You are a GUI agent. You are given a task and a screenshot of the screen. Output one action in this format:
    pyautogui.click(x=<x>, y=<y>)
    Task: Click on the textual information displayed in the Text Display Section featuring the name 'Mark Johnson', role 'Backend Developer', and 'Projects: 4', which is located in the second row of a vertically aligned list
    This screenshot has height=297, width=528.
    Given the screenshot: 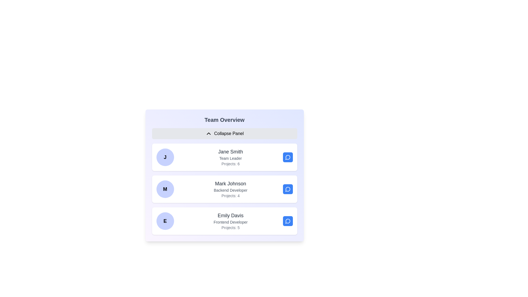 What is the action you would take?
    pyautogui.click(x=230, y=189)
    